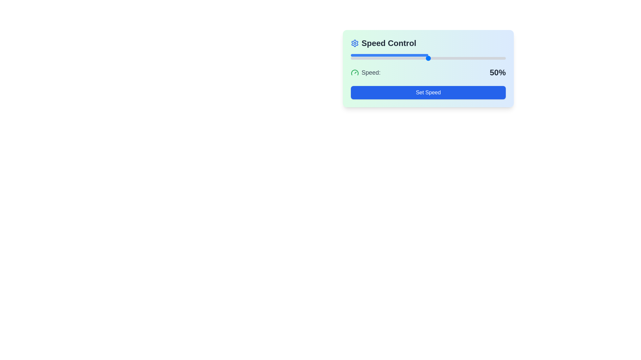 This screenshot has width=641, height=360. I want to click on the 'Speed:' label in the speed control interface, which is located immediately to the right of a small green gauge icon, so click(371, 73).